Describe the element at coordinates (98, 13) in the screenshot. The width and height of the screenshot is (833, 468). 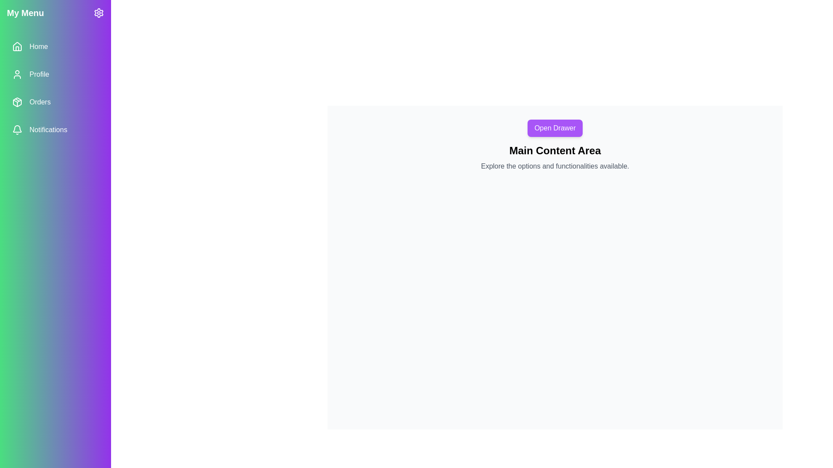
I see `the settings button to toggle the drawer visibility` at that location.